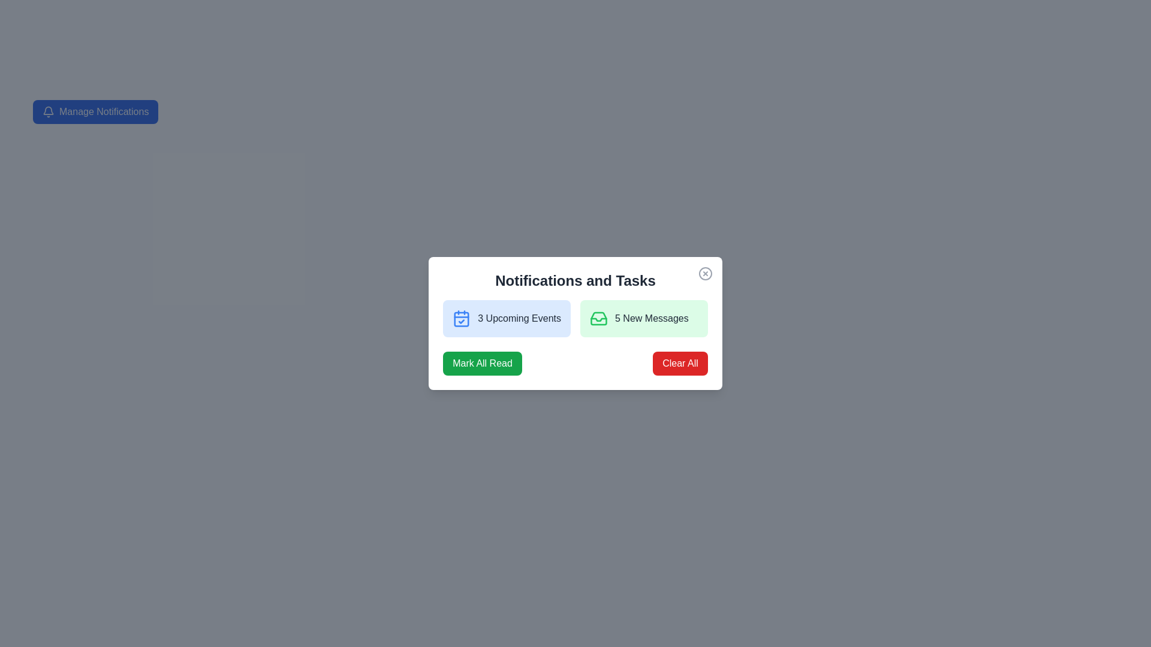  Describe the element at coordinates (507, 318) in the screenshot. I see `the Notification card displaying the count of upcoming events (3) in the 'Notifications and Tasks' dialog, positioned to the left of the '5 New Messages' element` at that location.